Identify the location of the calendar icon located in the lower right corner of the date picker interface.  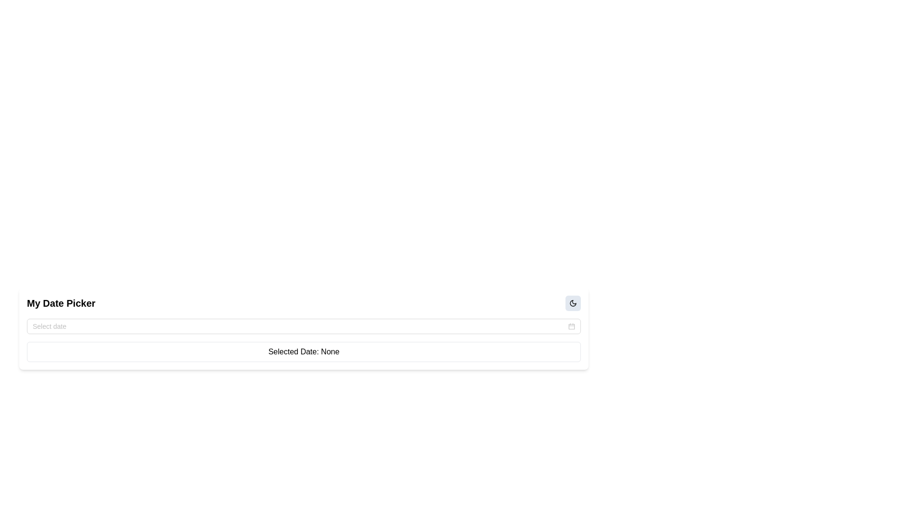
(572, 326).